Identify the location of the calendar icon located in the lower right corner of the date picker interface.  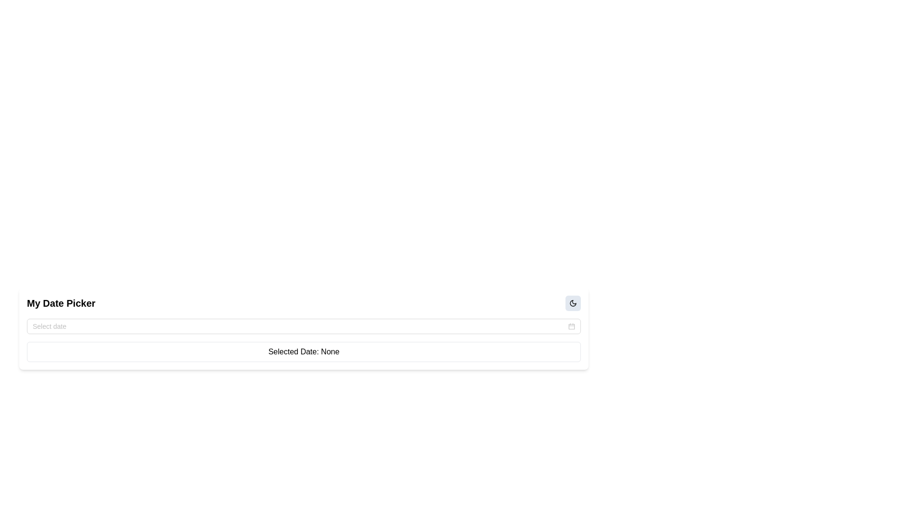
(572, 326).